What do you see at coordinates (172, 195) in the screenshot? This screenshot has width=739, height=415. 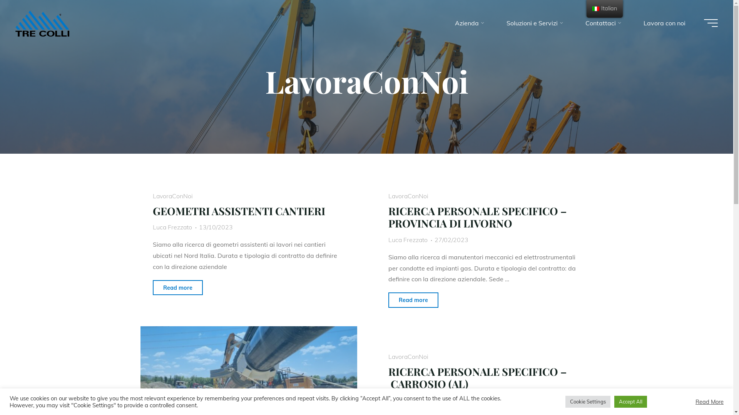 I see `'LavoraConNoi'` at bounding box center [172, 195].